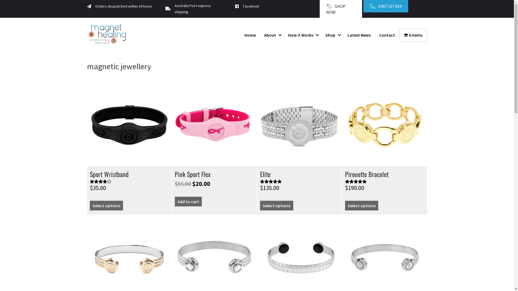 The height and width of the screenshot is (291, 518). I want to click on 'logo', so click(107, 34).